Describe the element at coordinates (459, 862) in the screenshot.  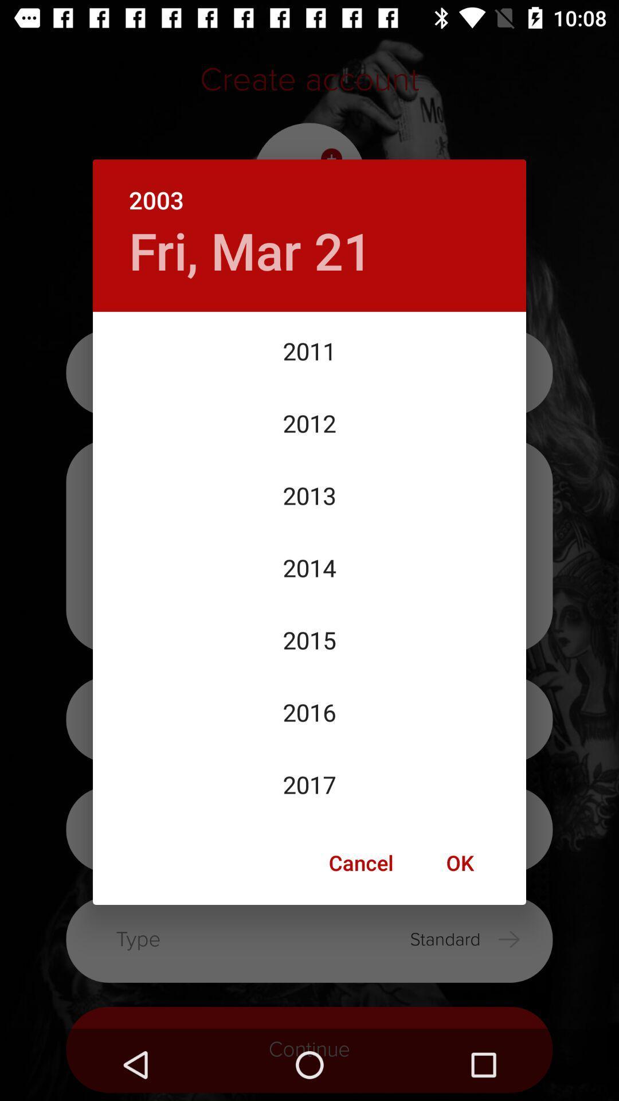
I see `ok item` at that location.